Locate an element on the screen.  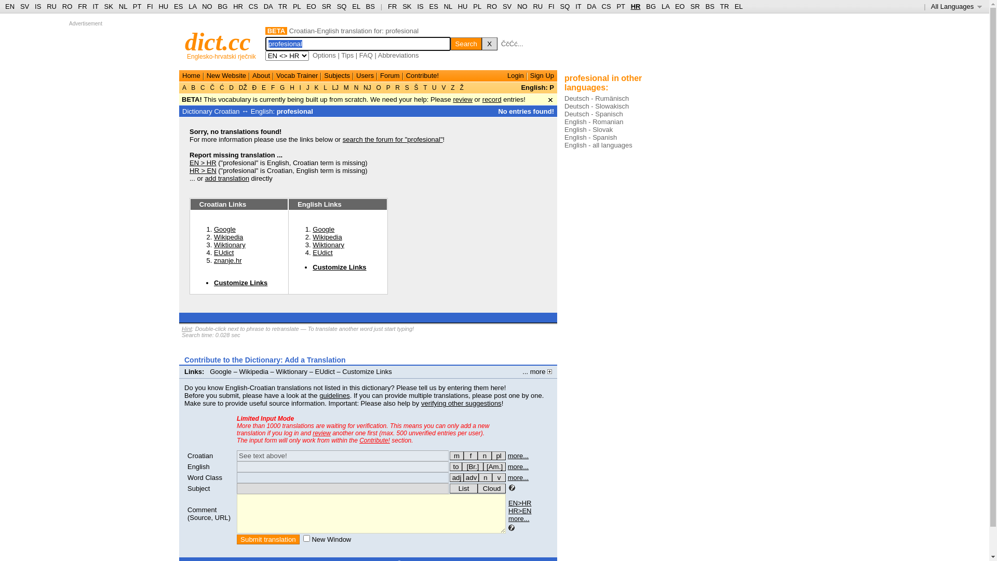
'dict.cc' is located at coordinates (217, 41).